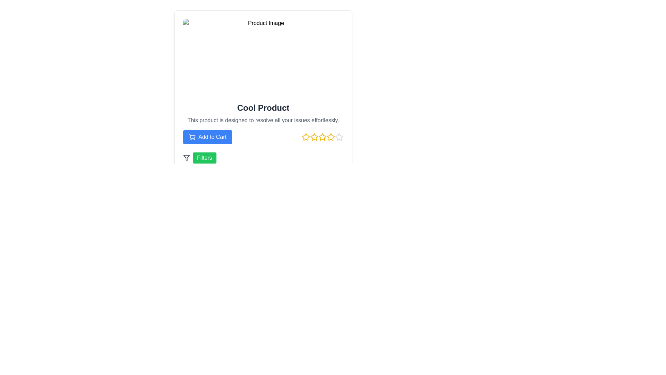 The image size is (666, 375). What do you see at coordinates (207, 137) in the screenshot?
I see `the button located to the left of the row of yellow star icons` at bounding box center [207, 137].